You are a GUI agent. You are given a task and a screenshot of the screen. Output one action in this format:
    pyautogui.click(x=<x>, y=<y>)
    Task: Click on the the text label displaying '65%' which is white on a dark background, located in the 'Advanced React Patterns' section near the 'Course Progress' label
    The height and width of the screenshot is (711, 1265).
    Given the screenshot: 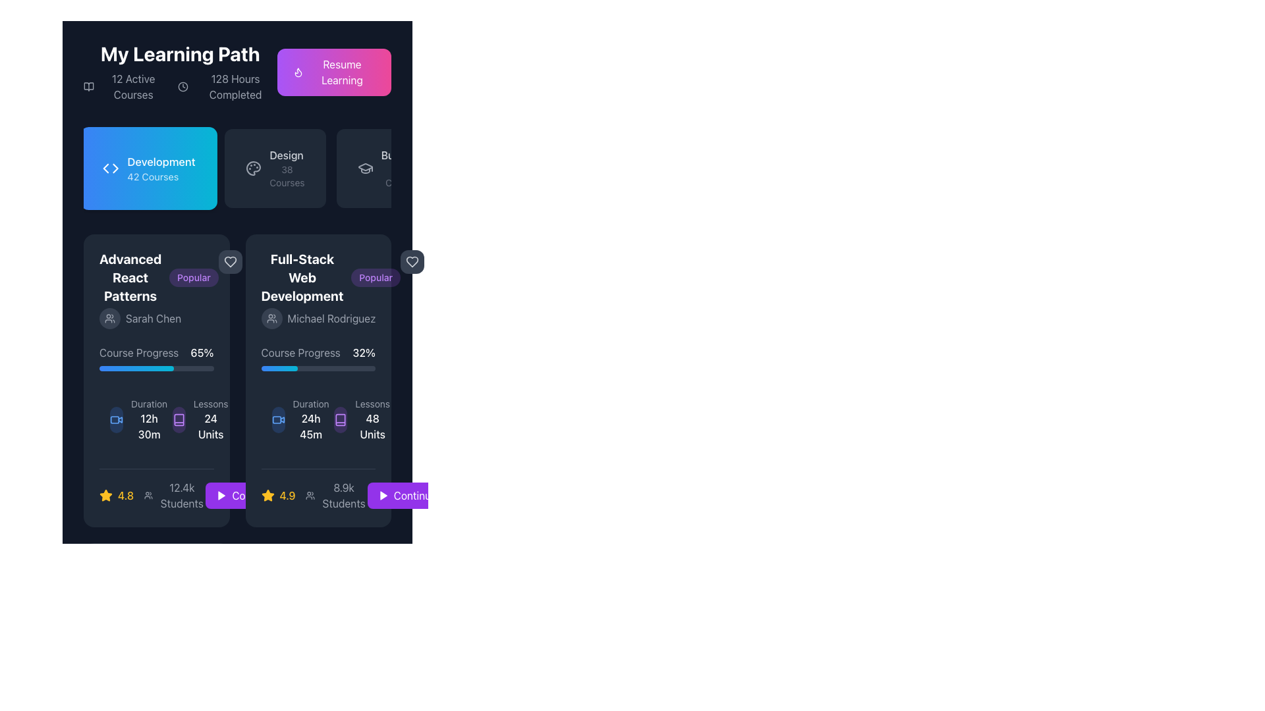 What is the action you would take?
    pyautogui.click(x=202, y=352)
    